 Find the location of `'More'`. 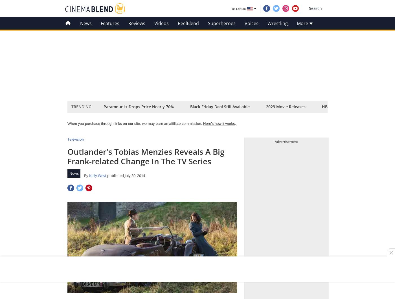

'More' is located at coordinates (303, 23).